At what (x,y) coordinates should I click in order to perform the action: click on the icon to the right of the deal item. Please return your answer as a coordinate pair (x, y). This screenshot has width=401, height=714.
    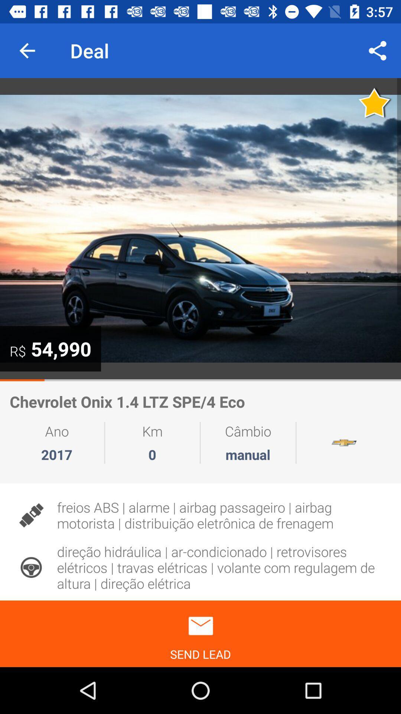
    Looking at the image, I should click on (378, 50).